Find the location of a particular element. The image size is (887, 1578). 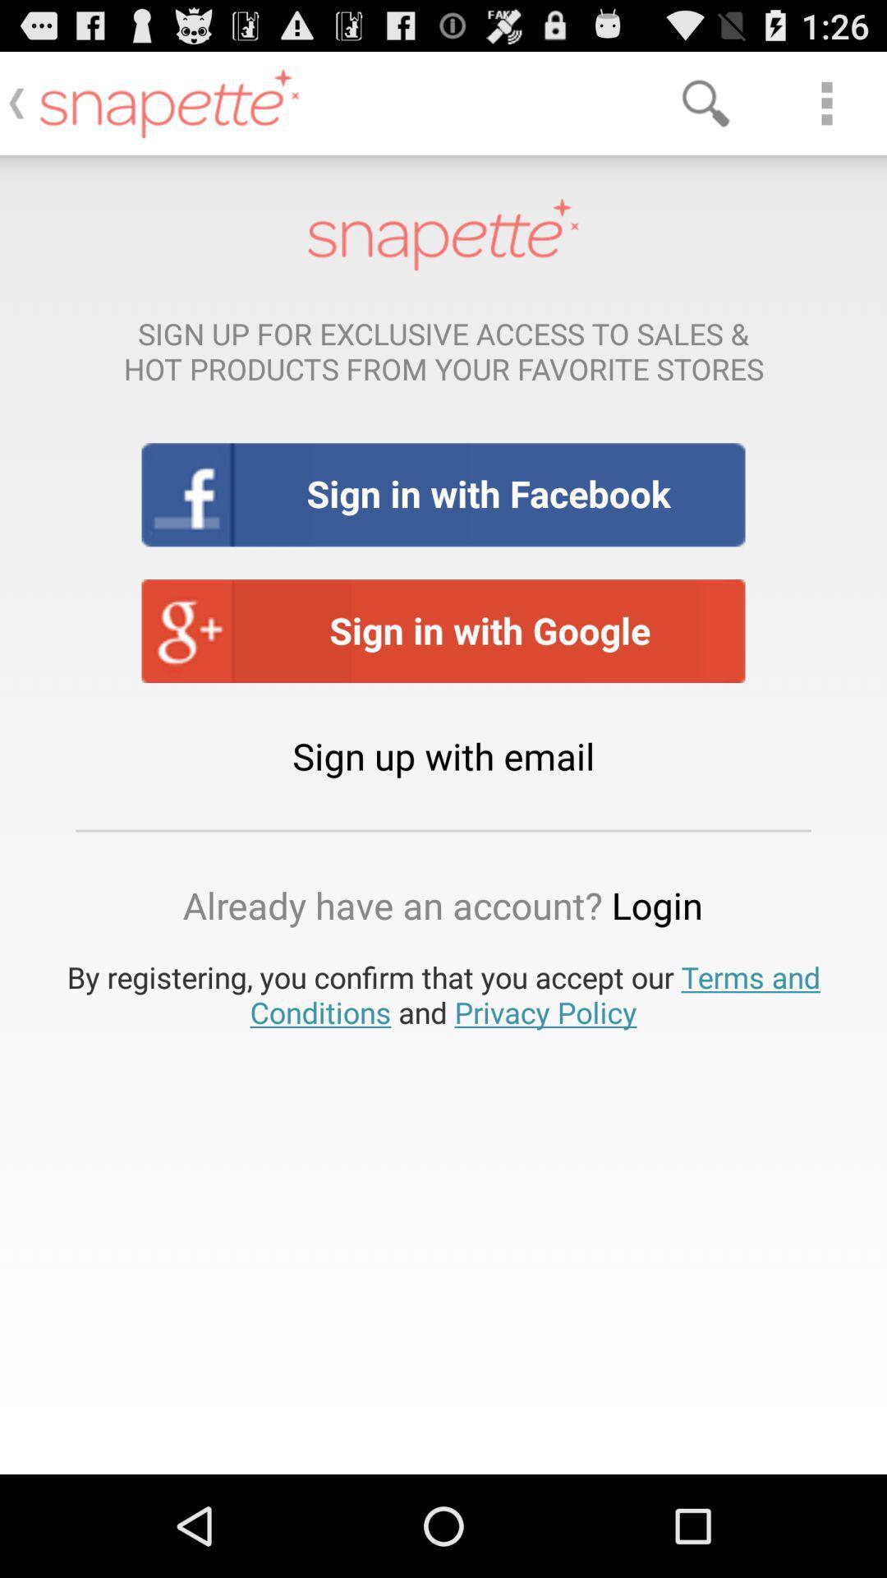

the item above by registering you icon is located at coordinates (442, 904).